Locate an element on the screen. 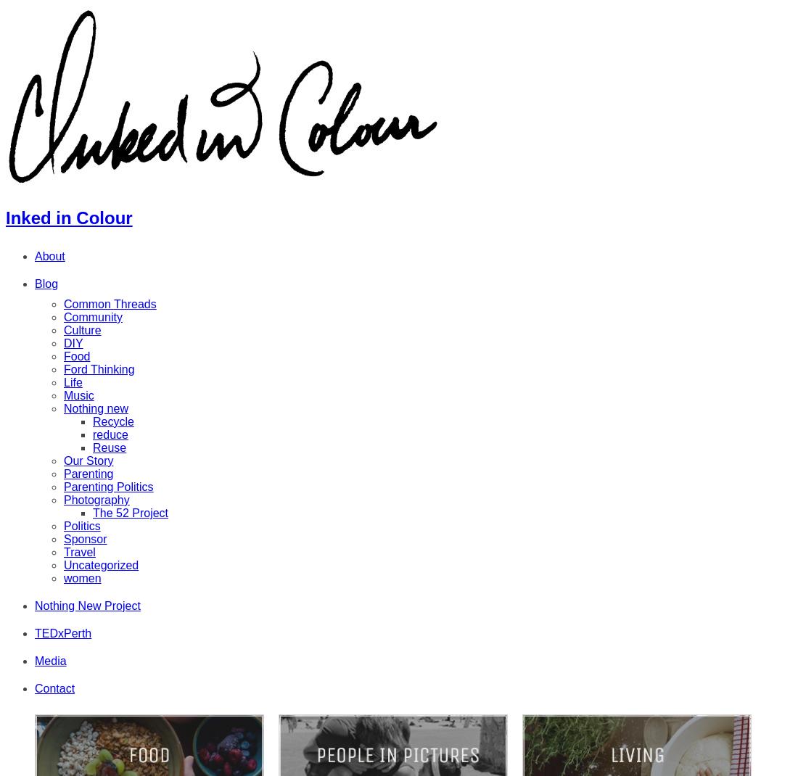 This screenshot has height=776, width=798. 'Nothing New Project' is located at coordinates (87, 605).